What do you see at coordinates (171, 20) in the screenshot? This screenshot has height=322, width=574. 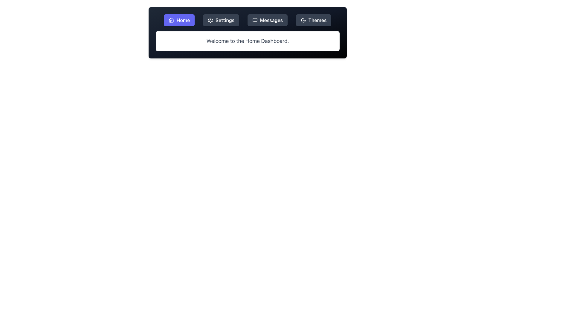 I see `the house icon, which is a minimalist line art style element with a triangular roof and rectangular base, located to the left of the 'Home' text` at bounding box center [171, 20].